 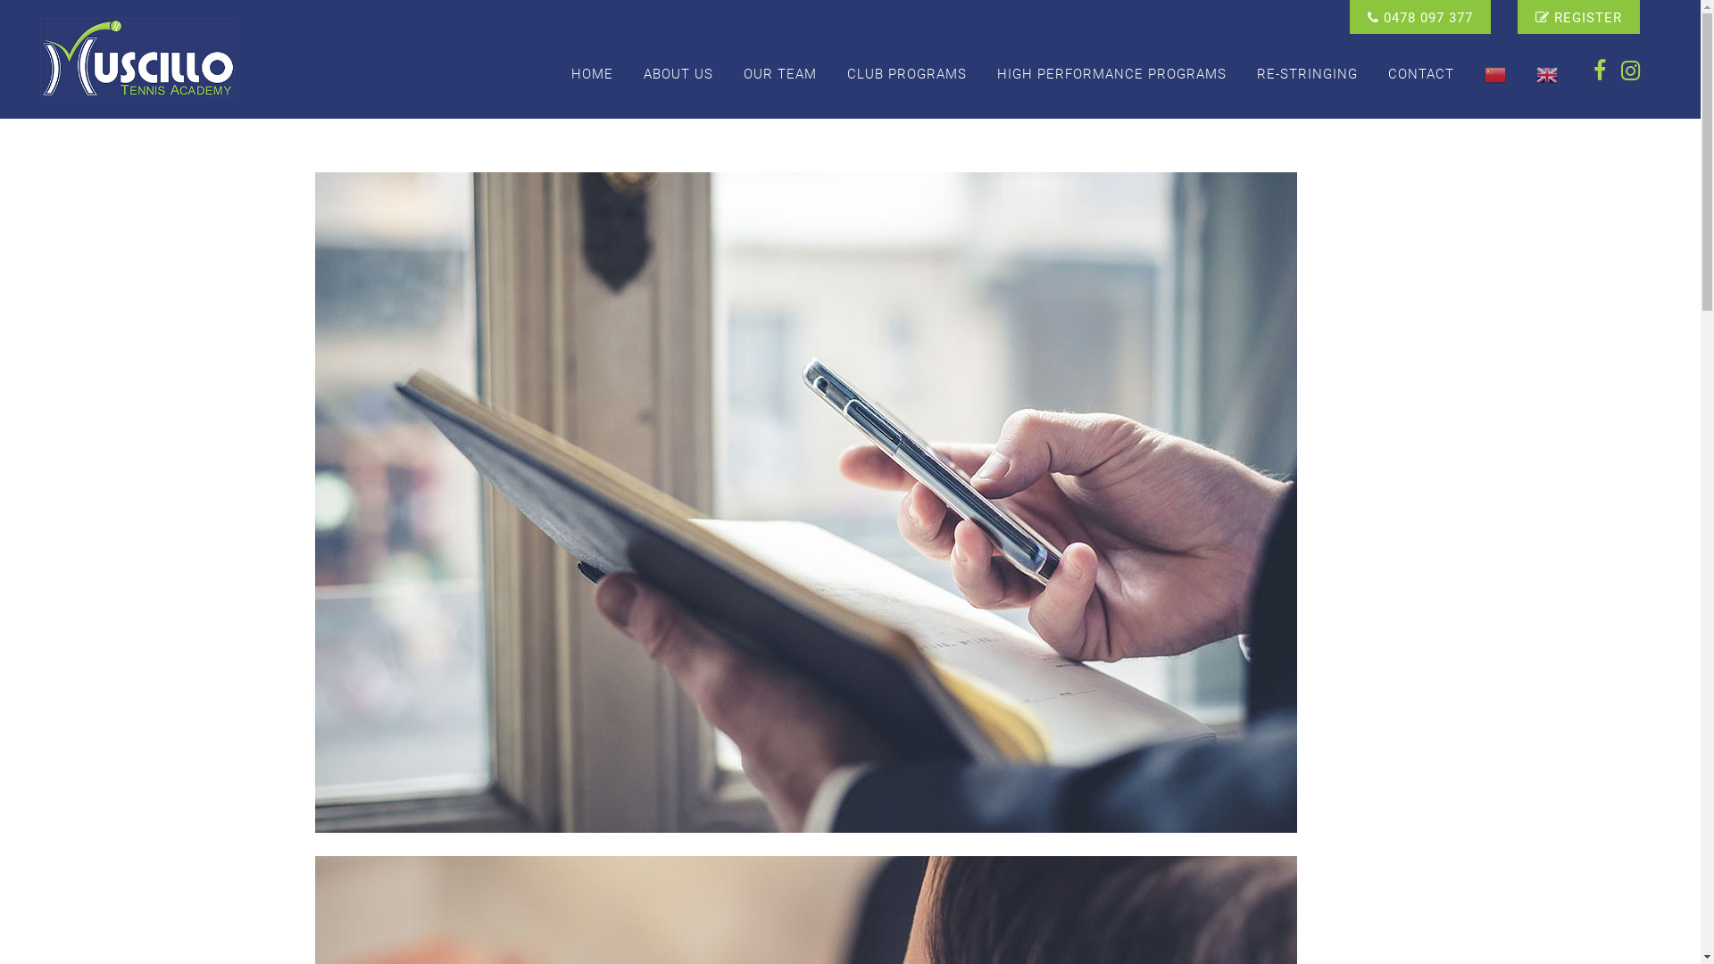 I want to click on 'English', so click(x=1545, y=73).